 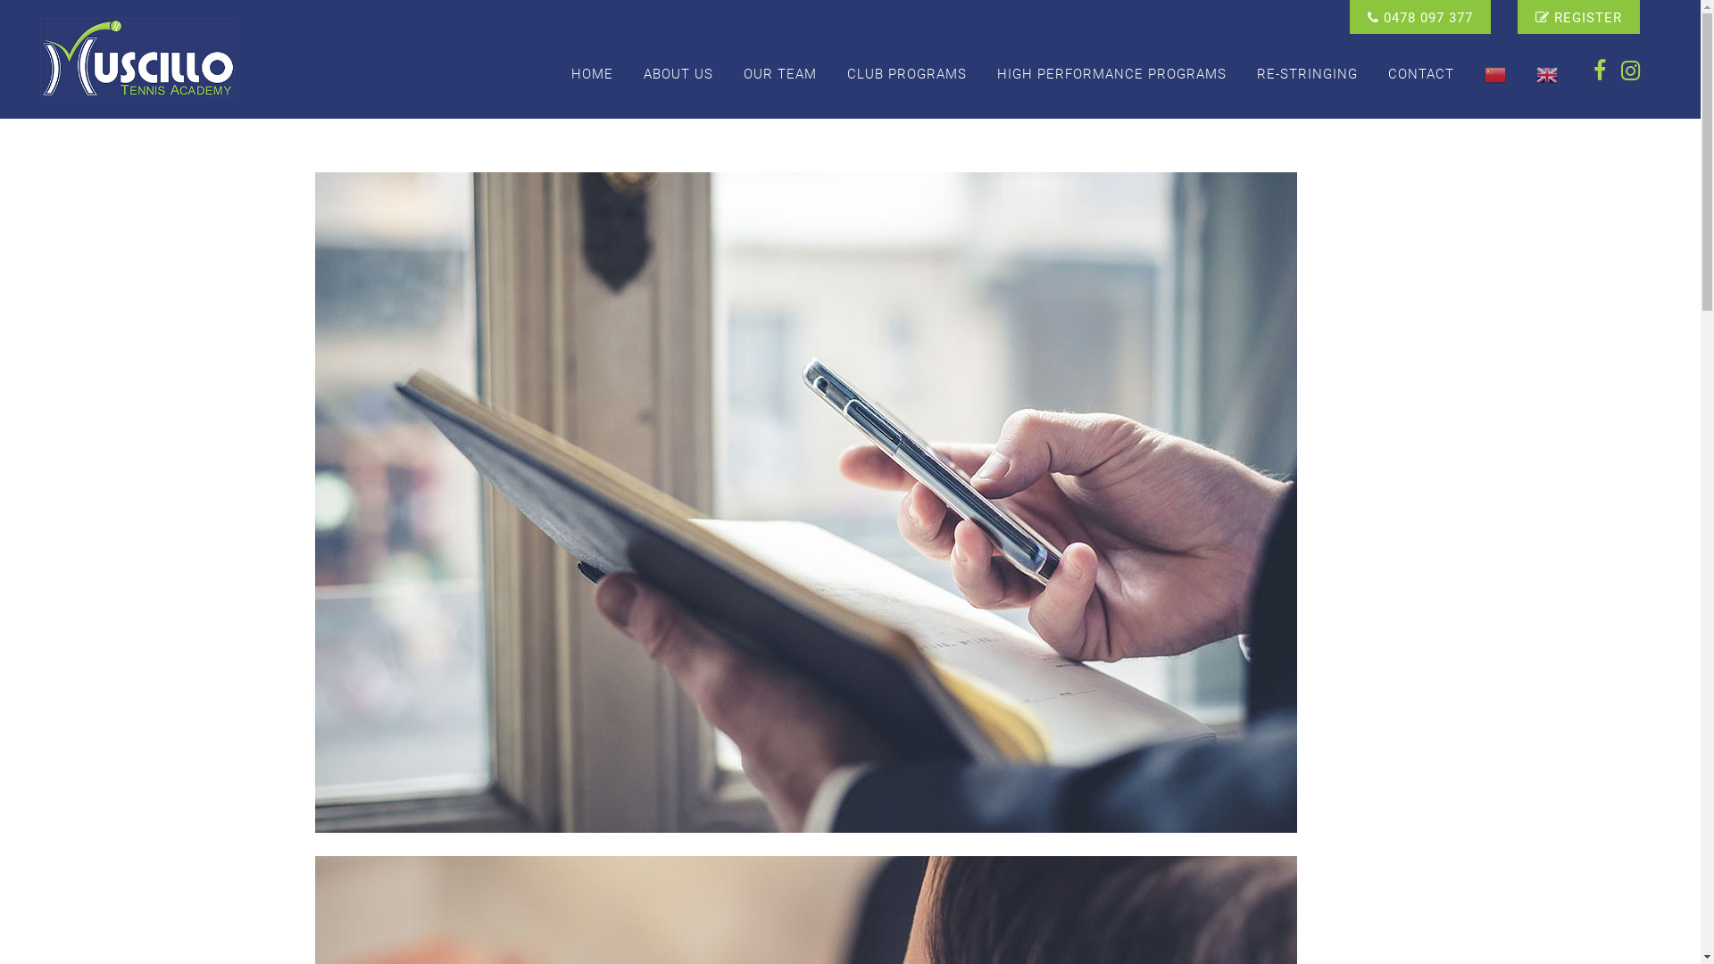 I want to click on 'English', so click(x=1545, y=73).